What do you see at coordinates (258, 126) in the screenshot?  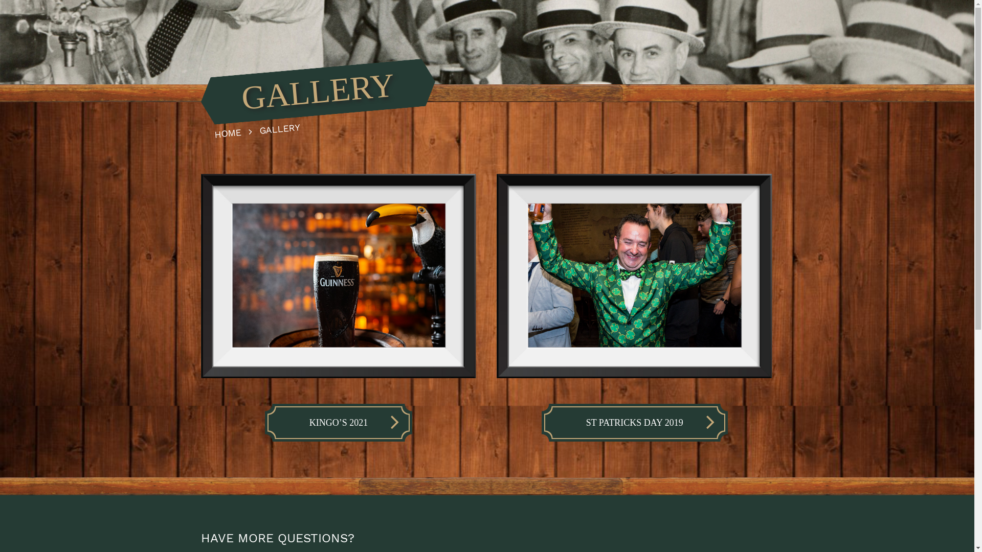 I see `'GALLERY'` at bounding box center [258, 126].